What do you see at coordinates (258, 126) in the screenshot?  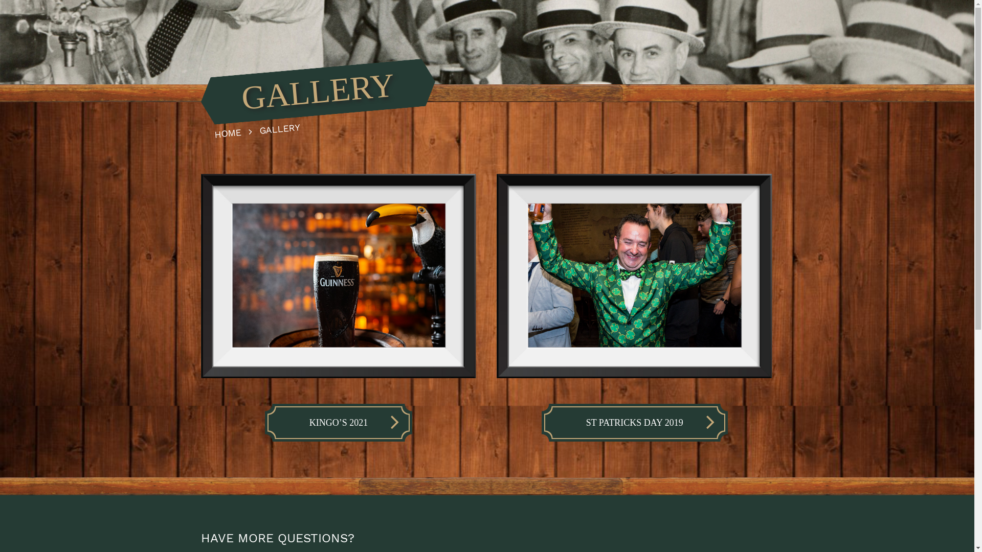 I see `'GALLERY'` at bounding box center [258, 126].